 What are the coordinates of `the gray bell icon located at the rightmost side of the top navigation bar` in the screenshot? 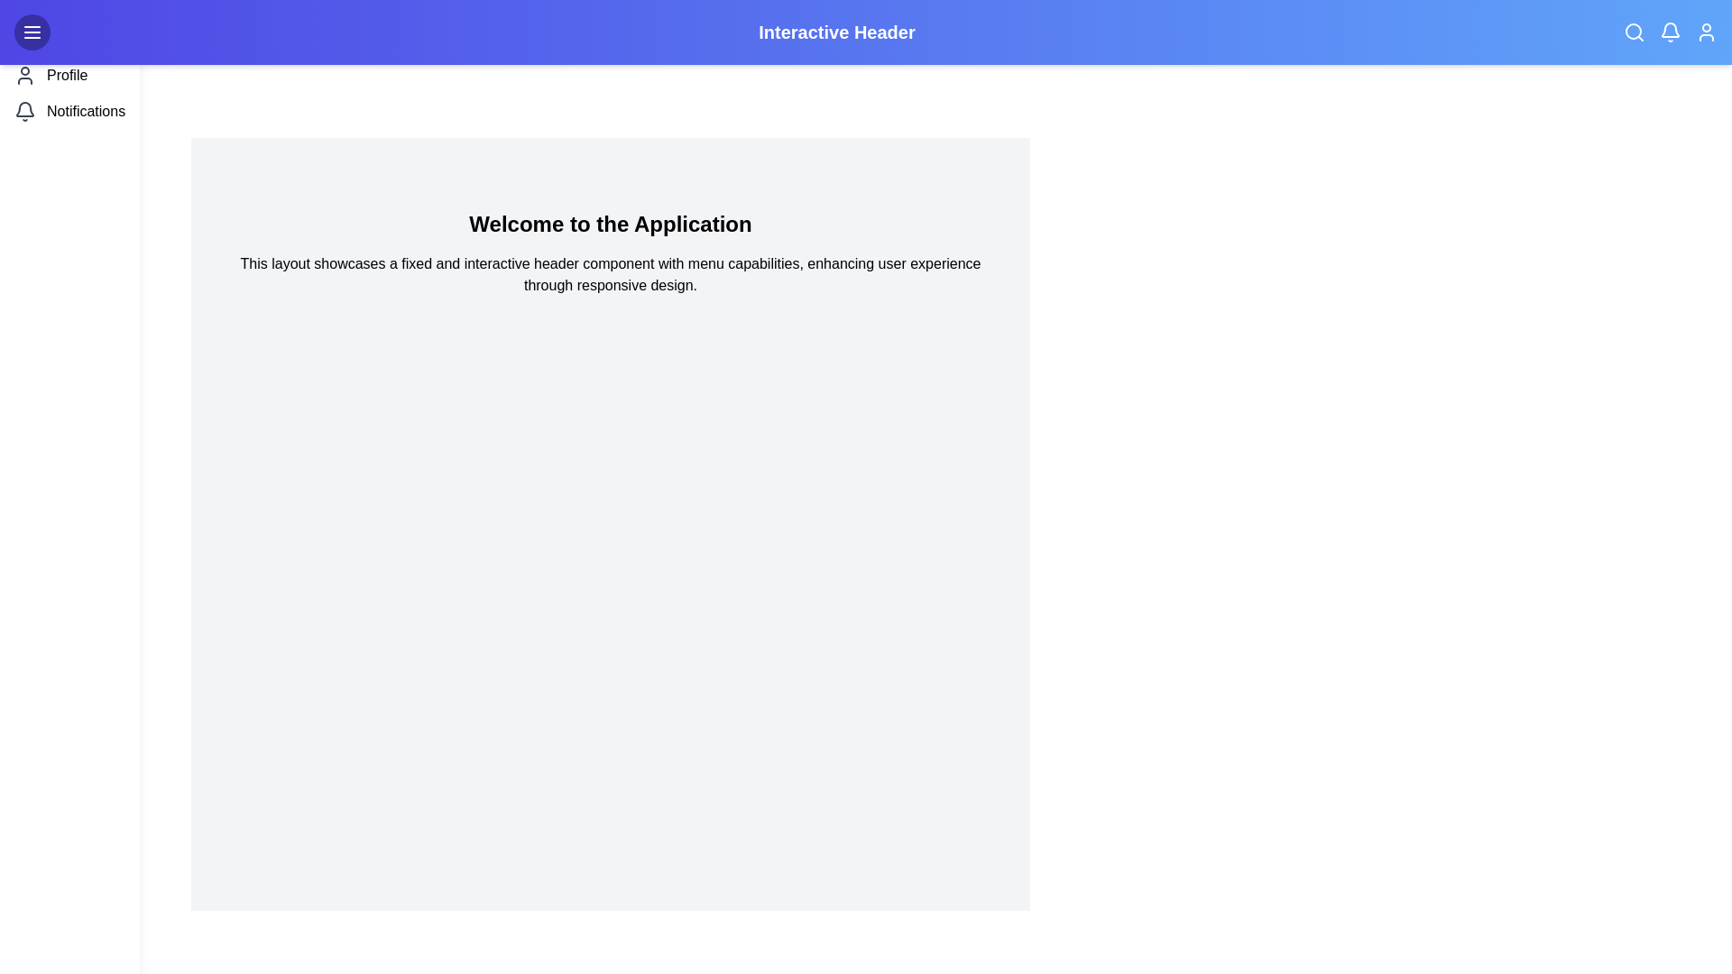 It's located at (25, 109).